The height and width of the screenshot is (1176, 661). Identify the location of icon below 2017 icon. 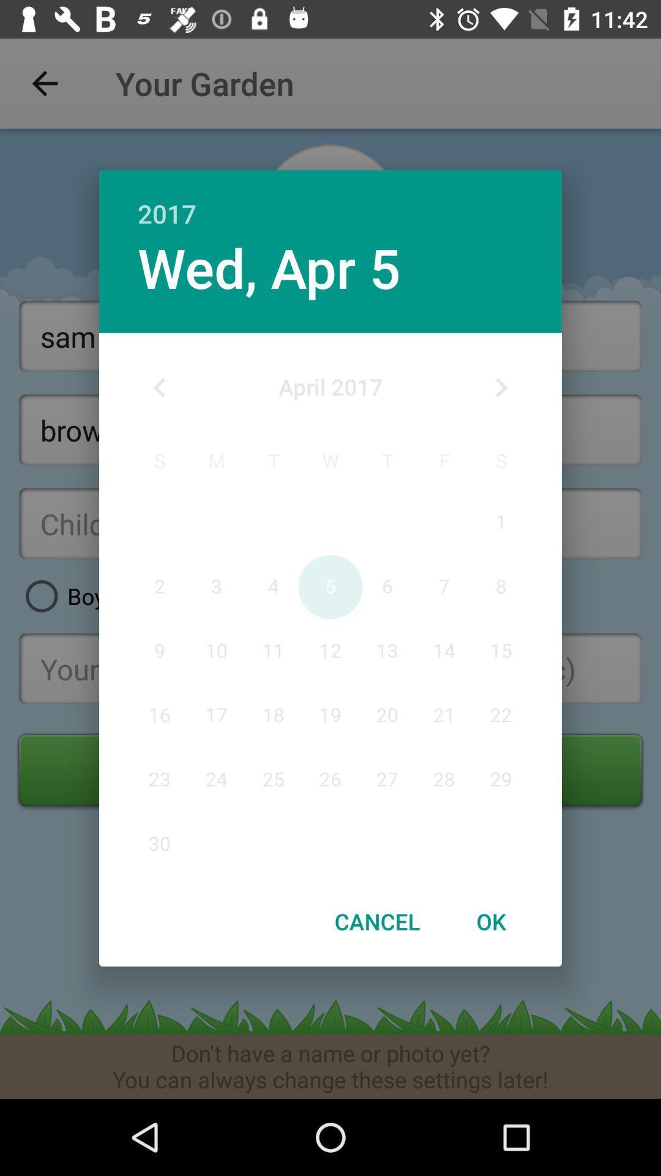
(268, 266).